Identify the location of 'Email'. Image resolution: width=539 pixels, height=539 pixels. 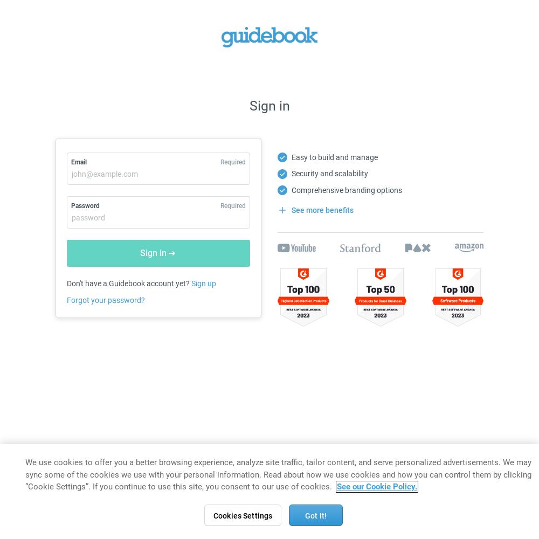
(79, 162).